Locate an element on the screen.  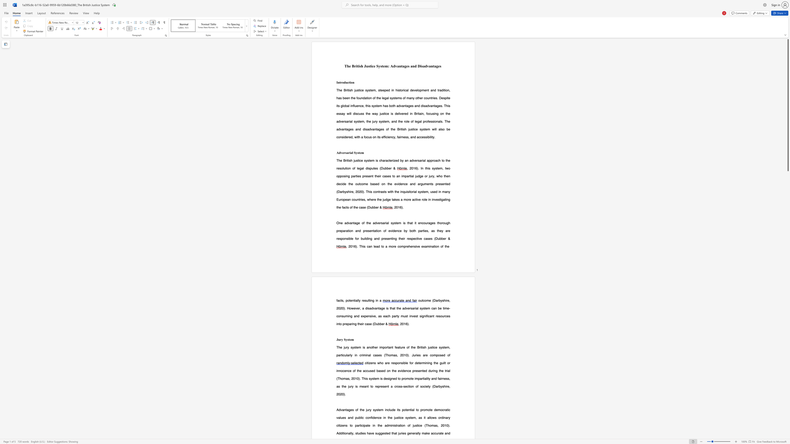
the 3th character "s" in the text is located at coordinates (404, 386).